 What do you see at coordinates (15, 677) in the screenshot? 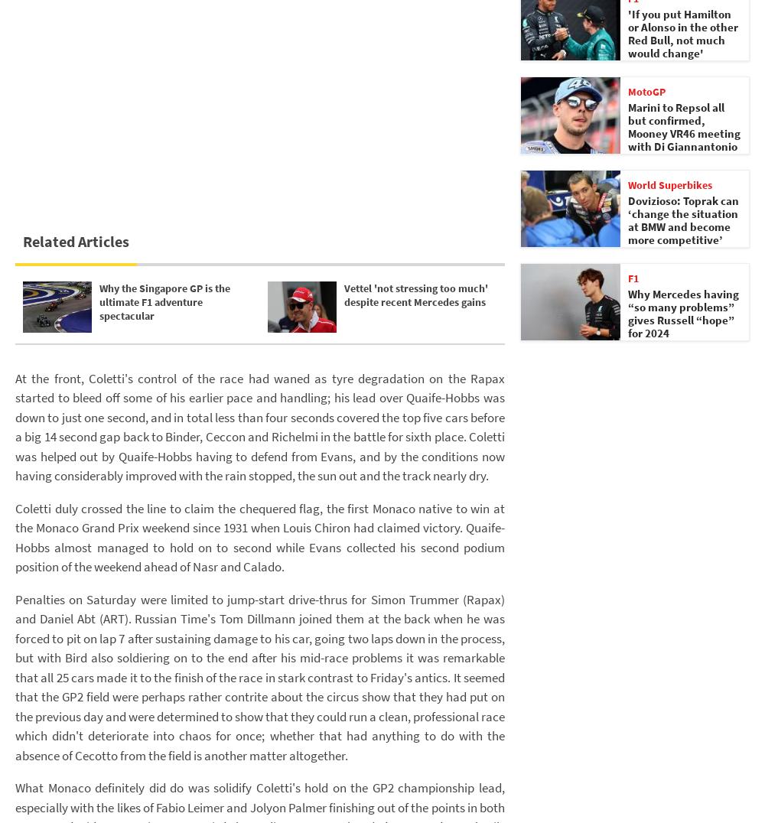
I see `'Penalties on Saturday were limited to jump-start drive-thrus for Simon Trummer (Rapax) and Daniel Abt (ART). Russian Time's Tom Dillmann joined them at the back when he was forced to pit on lap 7 after sustaining damage to his car, going two laps down in the process, but with Bird also soldiering on to the end after his mid-race problems it was remarkable that all 25 cars made it to the finish of the race in stark contrast to Friday's antics. It seemed that the GP2 field were perhaps rather contrite about the circus show that they had put on the previous day and were determined to show that they could run a clean, professional race which didn't deteriorate into chaos for once; whether that had anything to do with the absence of Cecotto from the field is another matter altogether.'` at bounding box center [15, 677].